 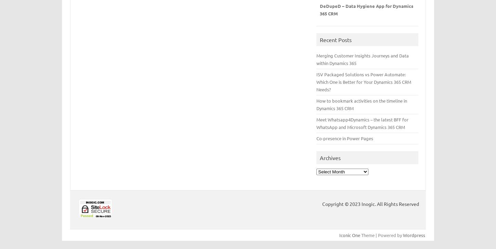 What do you see at coordinates (364, 81) in the screenshot?
I see `'ISV Packaged Solutions vs Power Automate: Which One is Better for Your Dynamics 365 CRM Needs?'` at bounding box center [364, 81].